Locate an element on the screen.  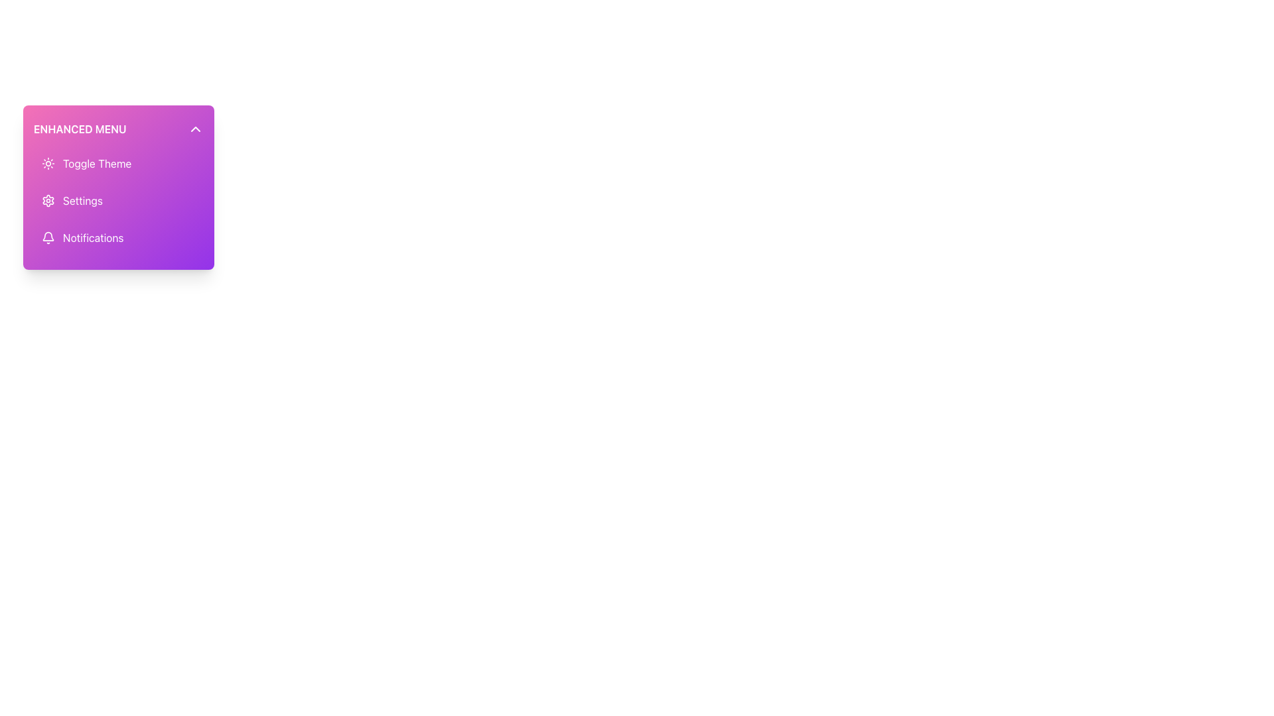
the gear-shaped decorative icon representing the settings option, which is positioned next to the 'Settings' label in the Enhanced Menu is located at coordinates (48, 201).